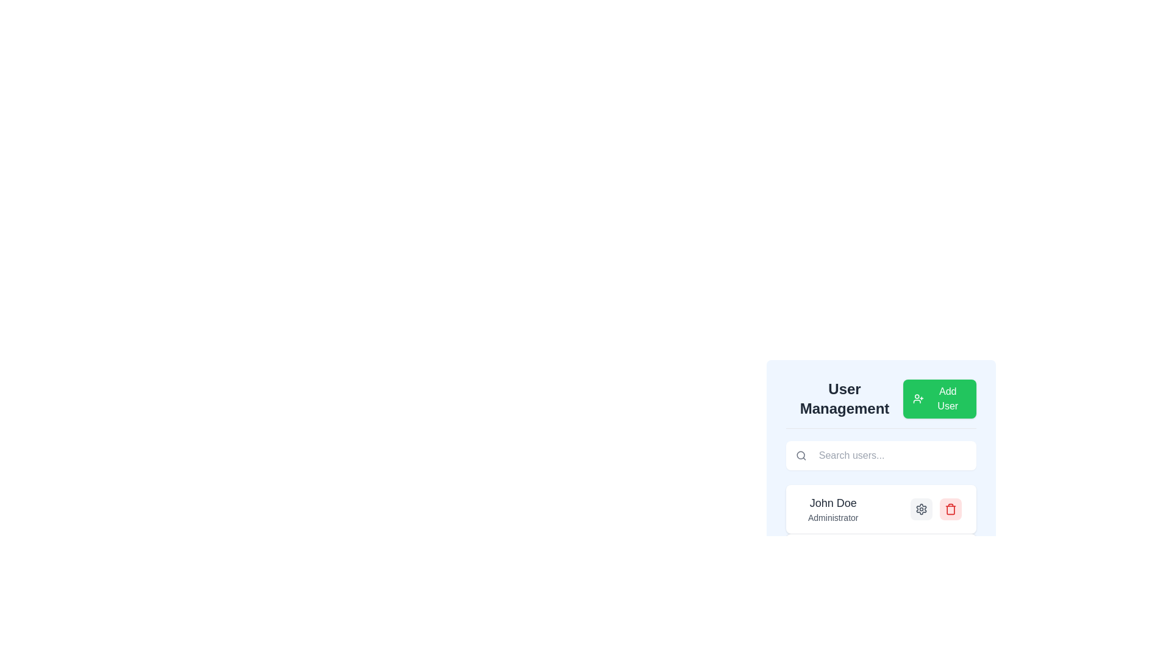 This screenshot has width=1171, height=658. What do you see at coordinates (881, 456) in the screenshot?
I see `the search input field with the placeholder 'Search users...' to bring up the context menu` at bounding box center [881, 456].